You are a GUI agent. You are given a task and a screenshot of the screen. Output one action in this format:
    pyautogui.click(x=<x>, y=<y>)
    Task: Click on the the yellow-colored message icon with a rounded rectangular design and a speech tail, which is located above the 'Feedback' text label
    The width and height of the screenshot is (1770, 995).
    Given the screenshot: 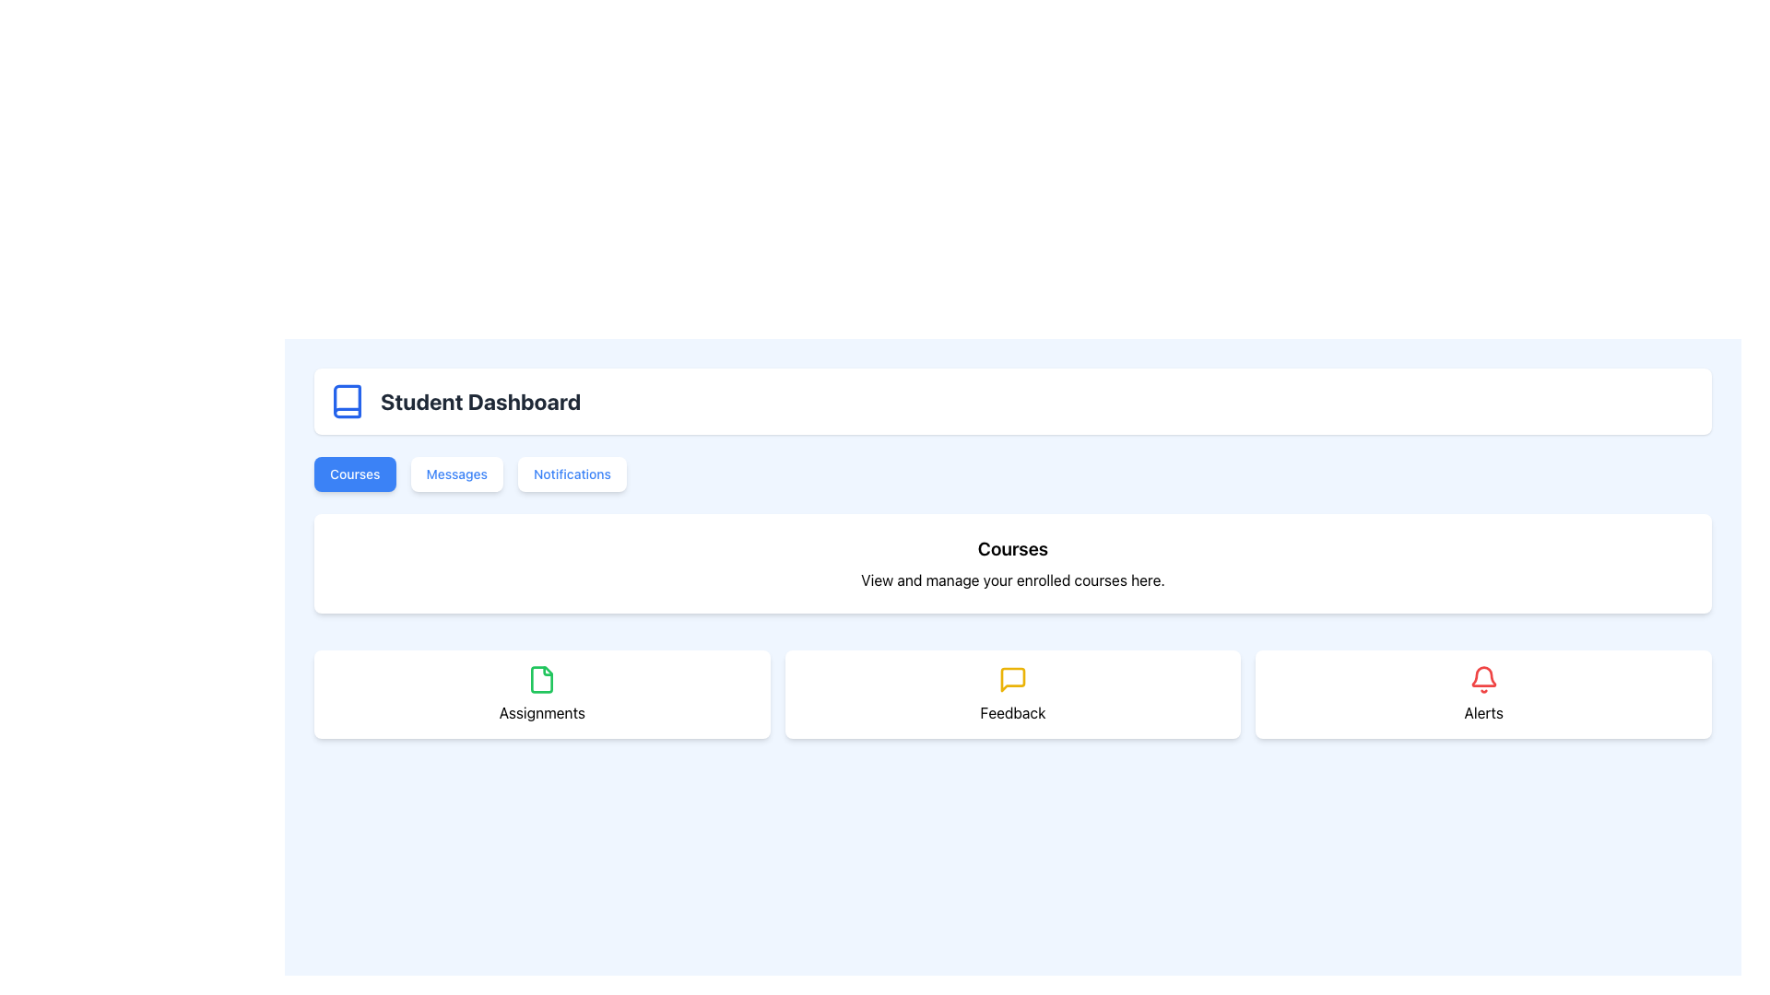 What is the action you would take?
    pyautogui.click(x=1012, y=679)
    